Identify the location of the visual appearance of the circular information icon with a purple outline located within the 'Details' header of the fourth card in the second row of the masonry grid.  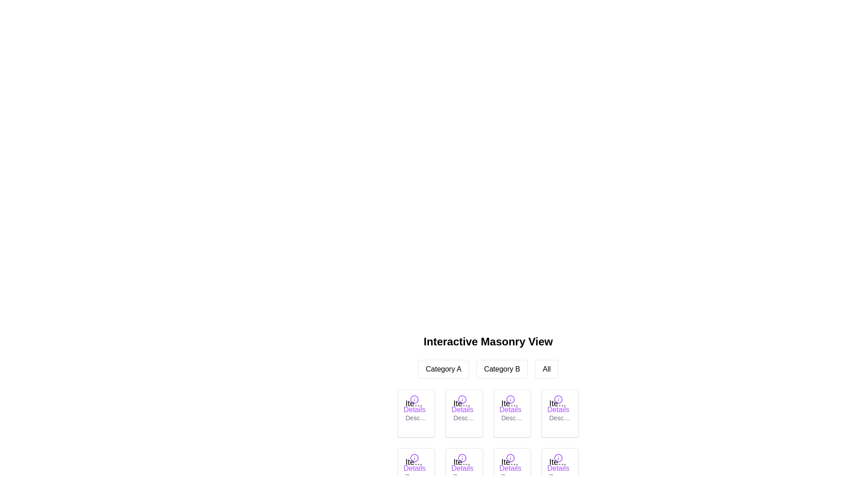
(557, 399).